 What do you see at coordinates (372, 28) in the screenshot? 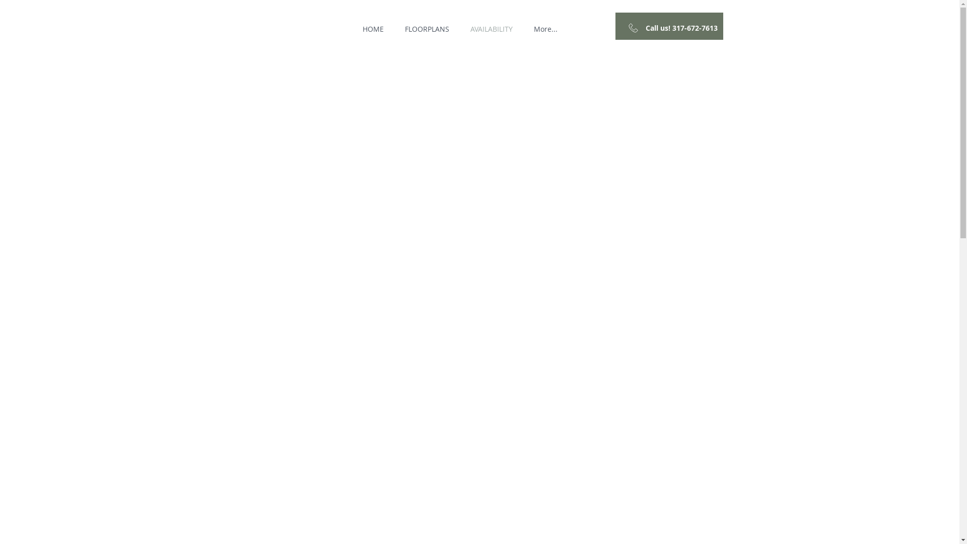
I see `'HOME'` at bounding box center [372, 28].